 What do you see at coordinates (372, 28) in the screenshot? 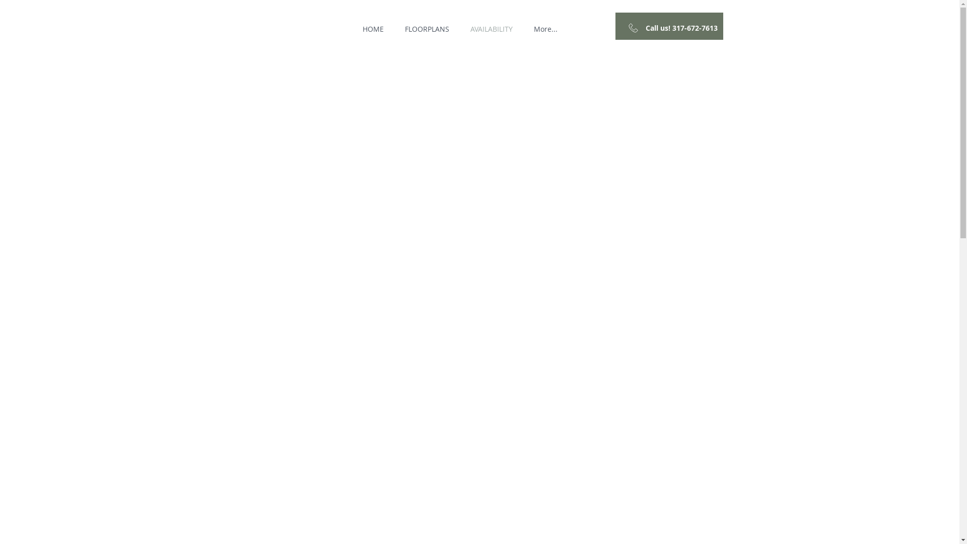
I see `'HOME'` at bounding box center [372, 28].